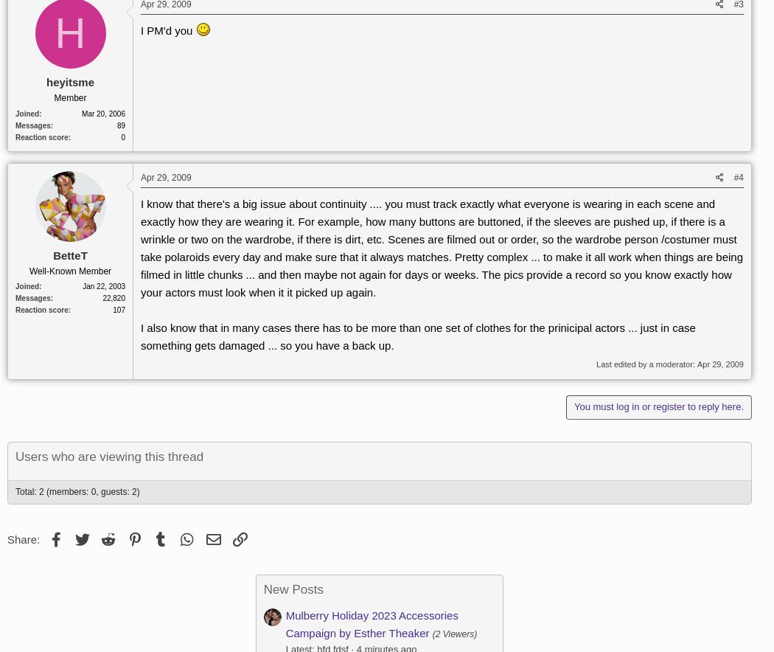  I want to click on '(2 Viewers)', so click(454, 632).